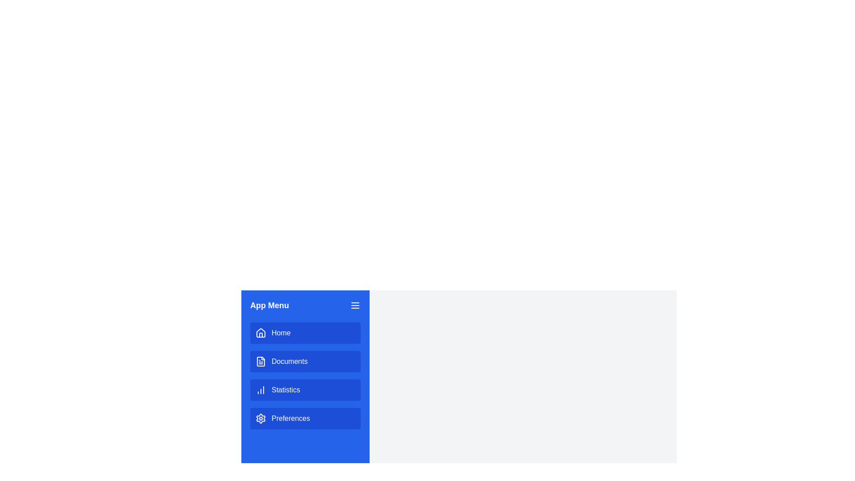 The image size is (855, 481). Describe the element at coordinates (305, 362) in the screenshot. I see `the 'Documents' menu button` at that location.